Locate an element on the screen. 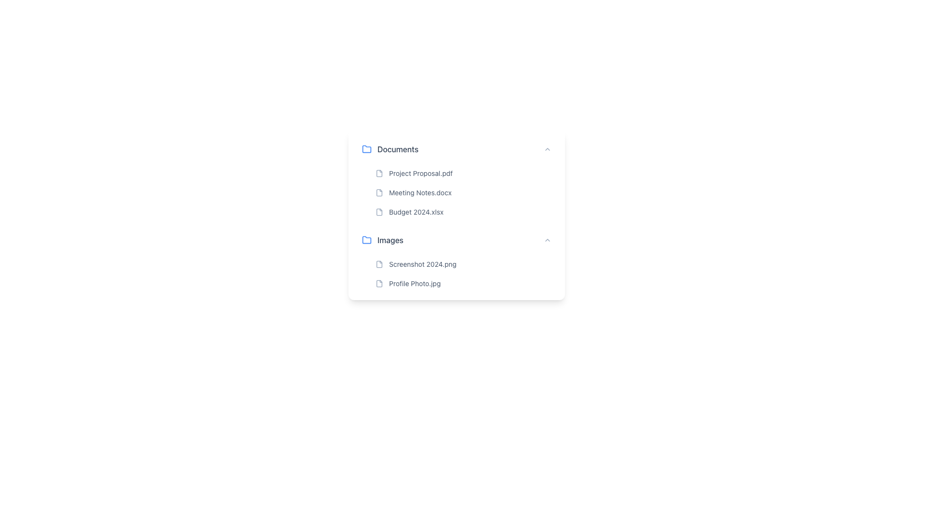  on the file entry labeled 'Budget 2024.xlsx' located in the Documents section is located at coordinates (464, 212).